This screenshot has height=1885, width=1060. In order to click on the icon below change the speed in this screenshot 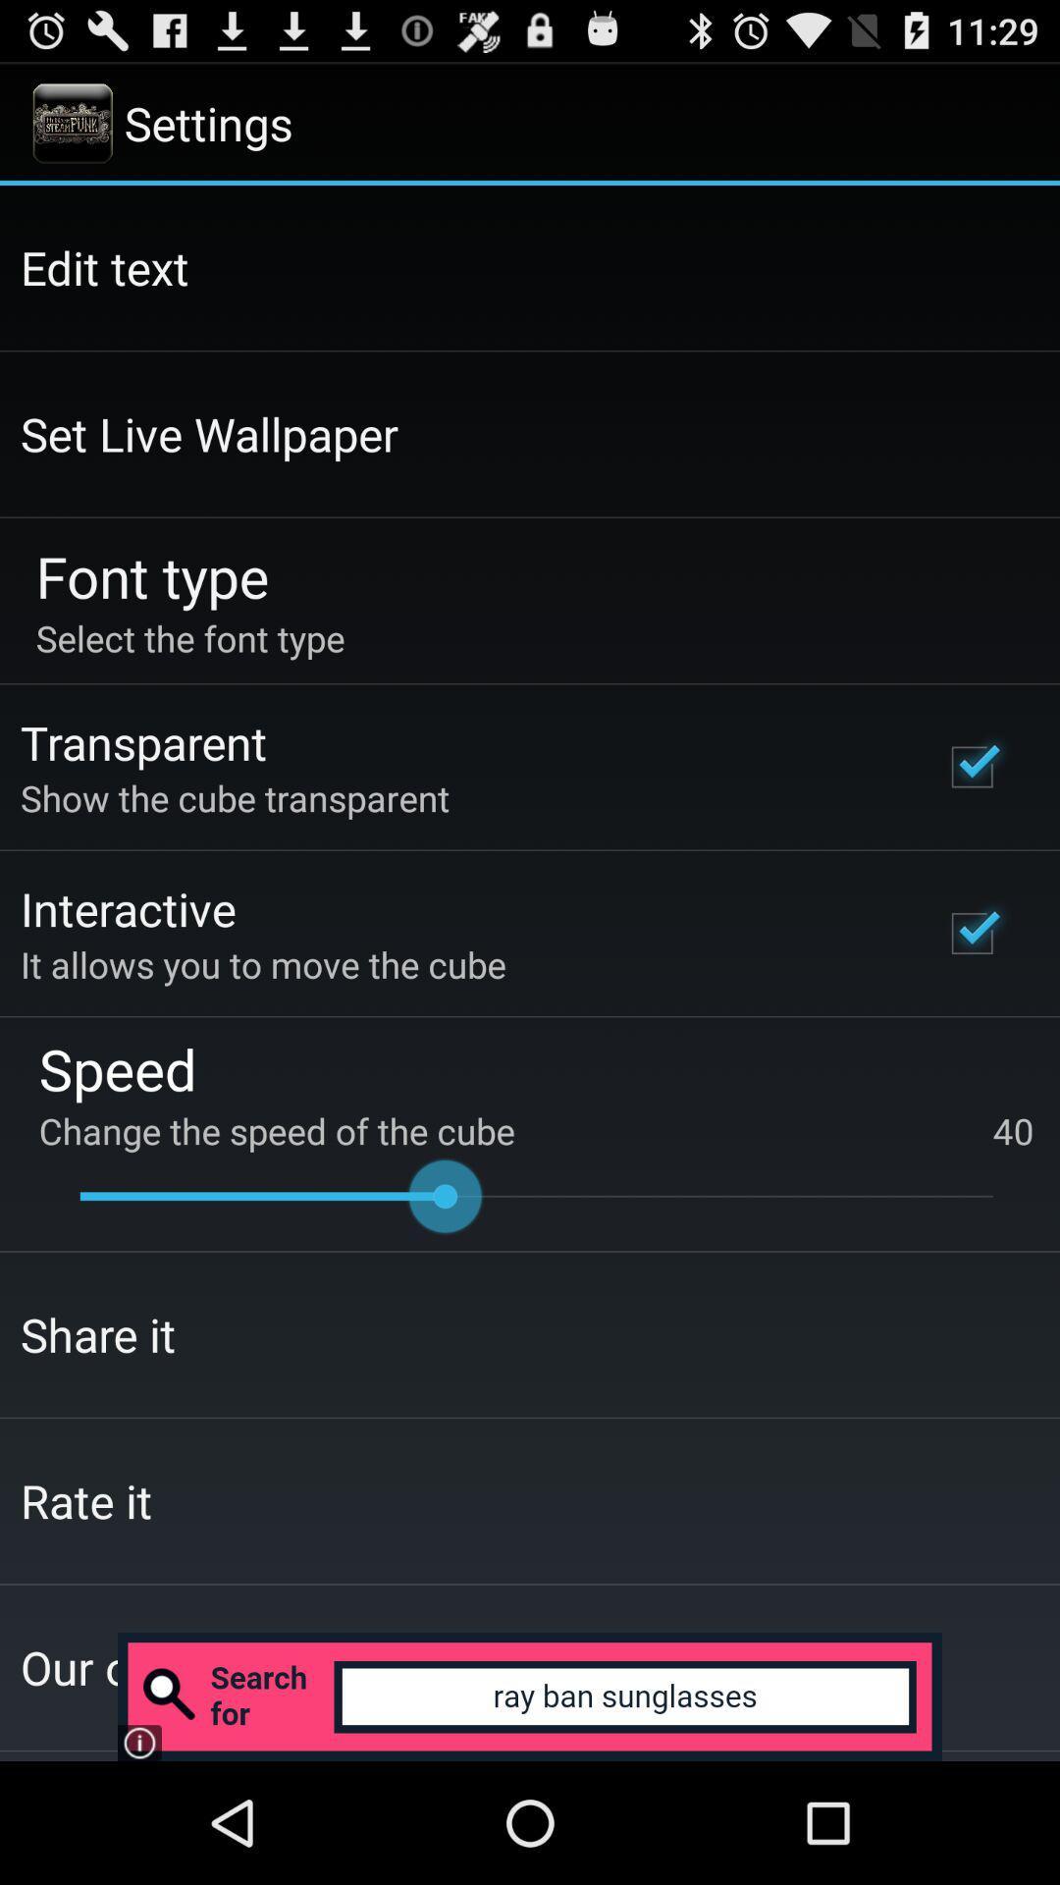, I will do `click(536, 1195)`.